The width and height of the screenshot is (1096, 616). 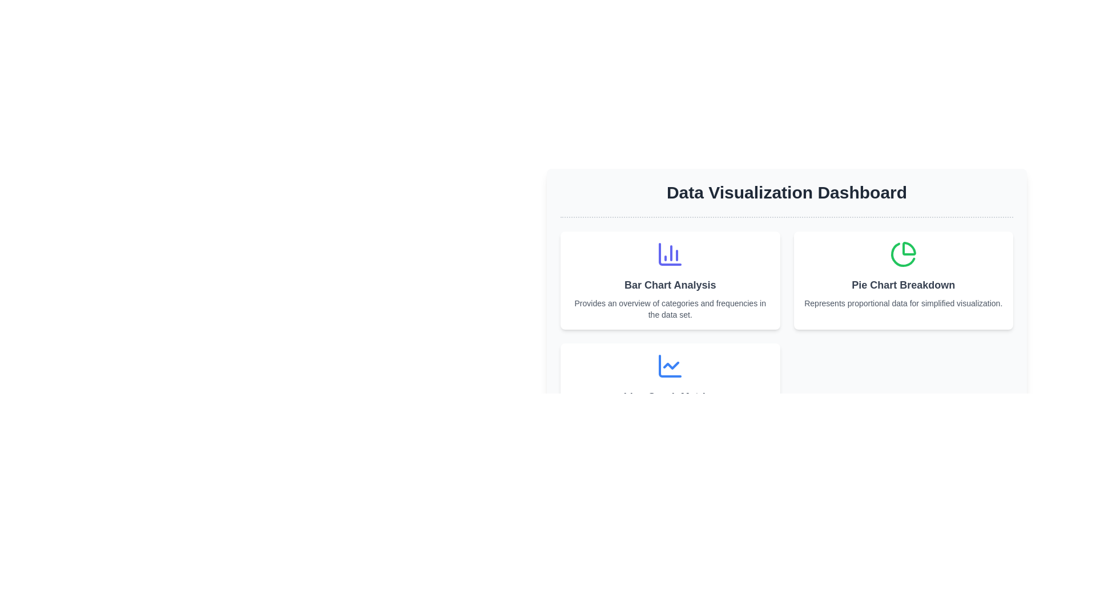 I want to click on the text label displaying 'Bar Chart Analysis', which is styled in a large, bold, dark gray font and is centered below a chart icon, so click(x=670, y=285).